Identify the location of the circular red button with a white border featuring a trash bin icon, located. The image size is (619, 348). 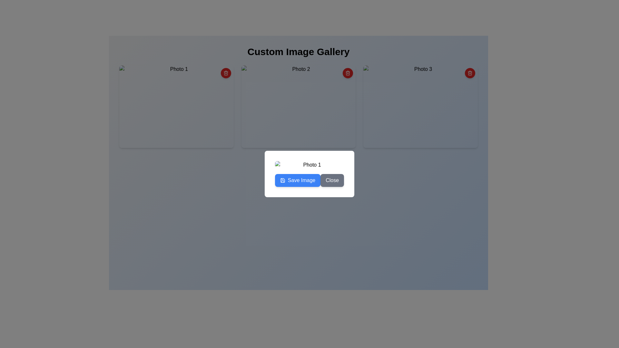
(470, 73).